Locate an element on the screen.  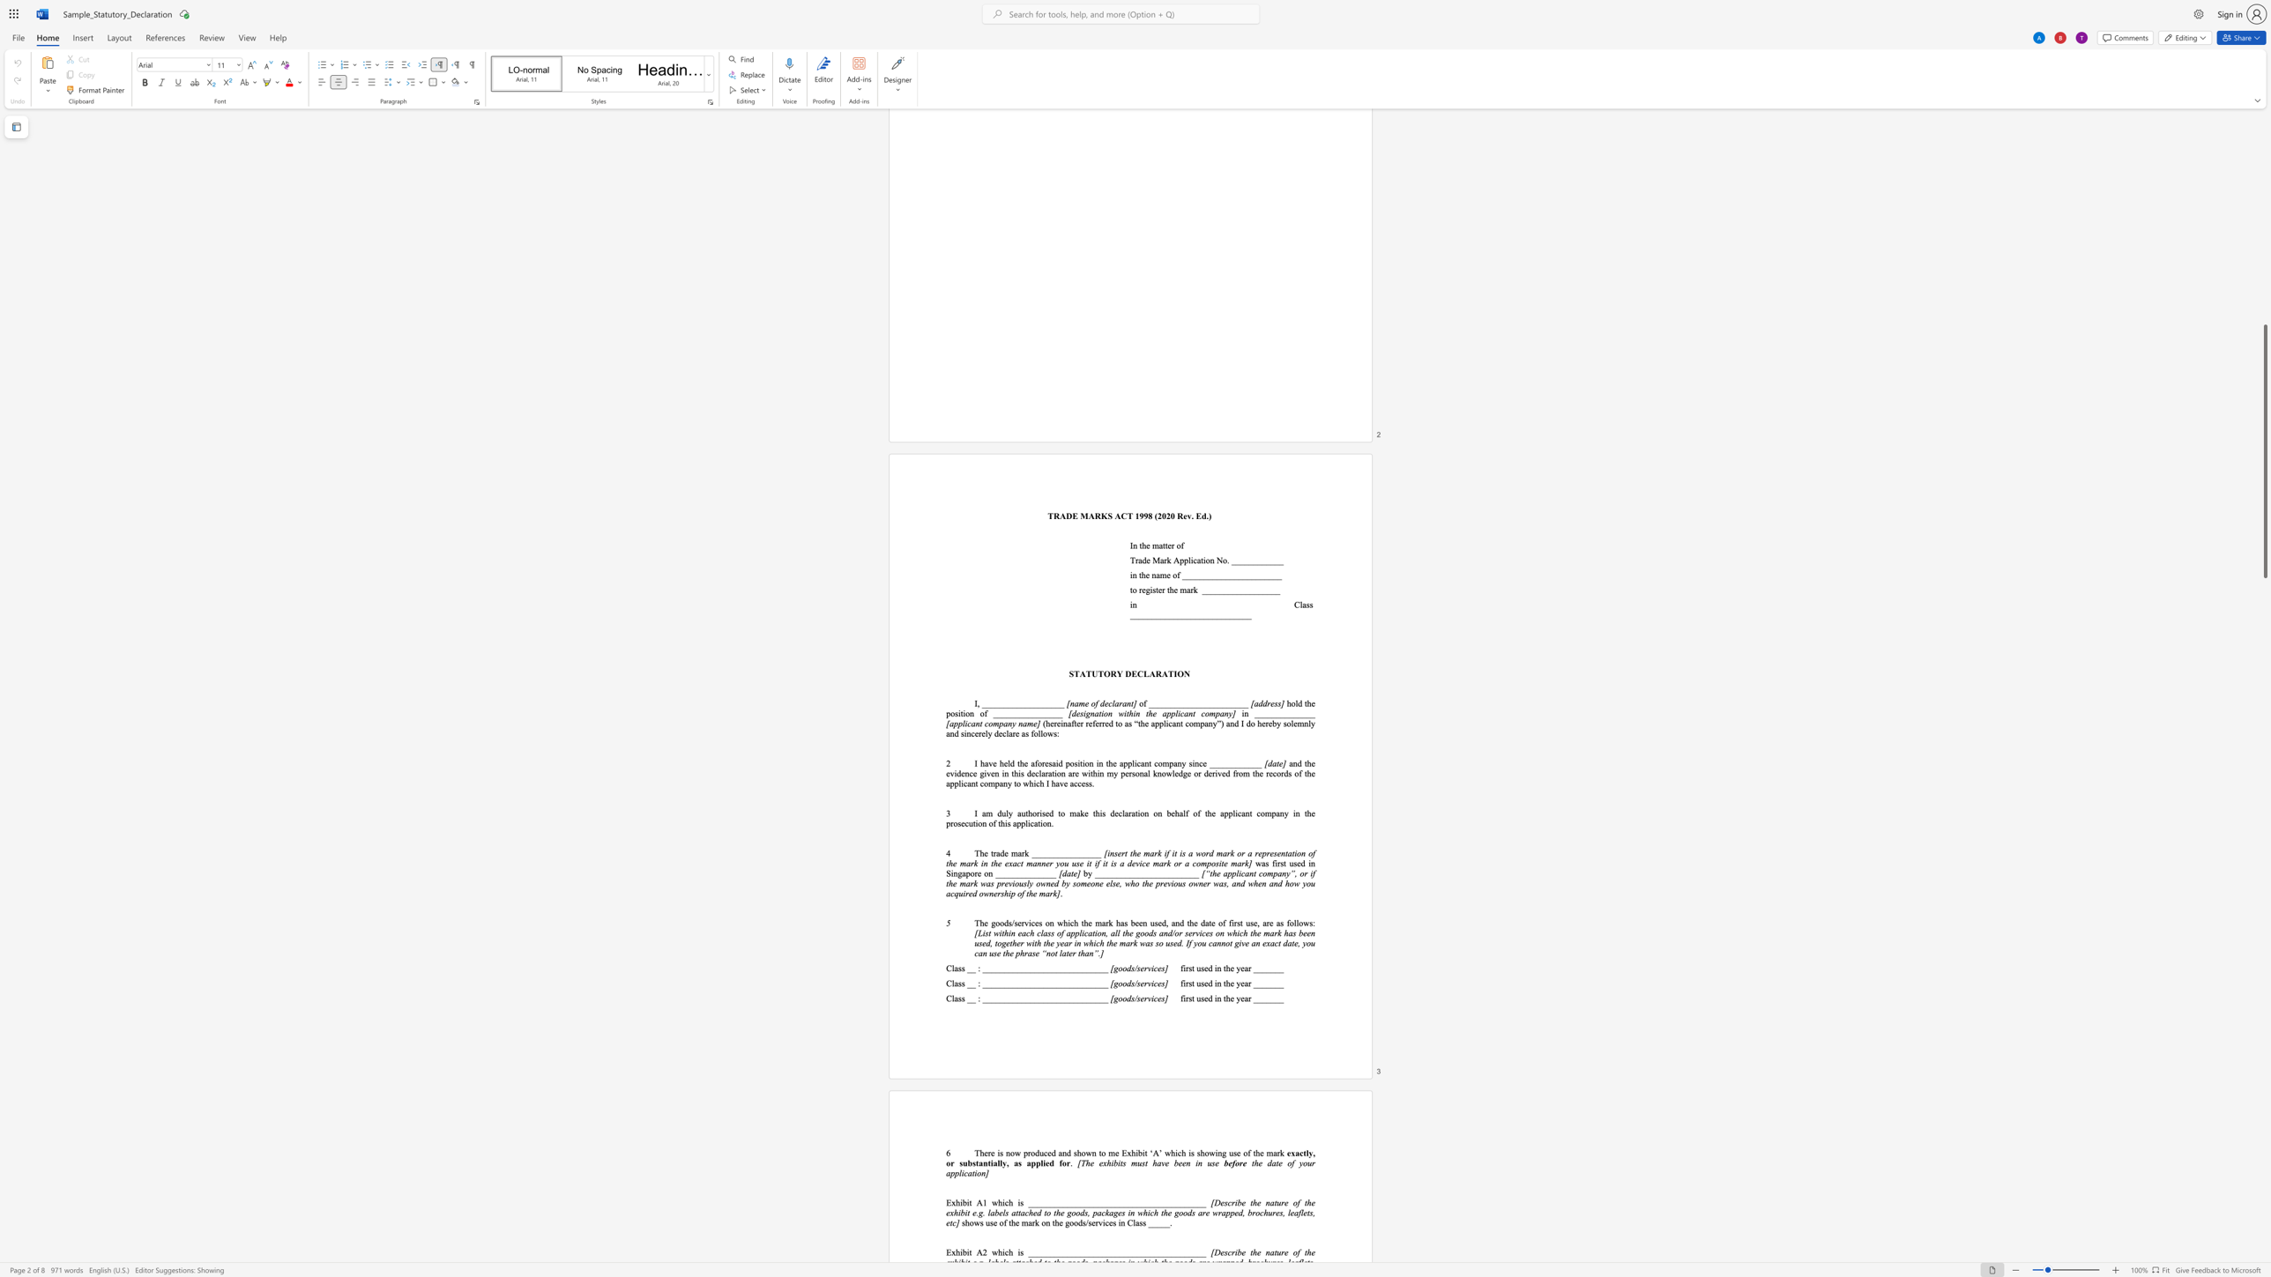
the scrollbar to scroll upward is located at coordinates (2264, 324).